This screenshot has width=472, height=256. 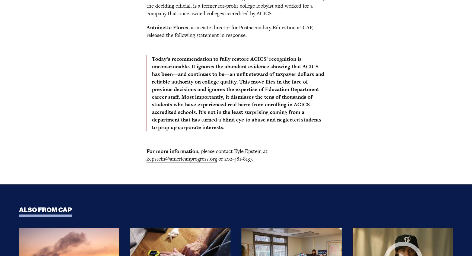 I want to click on 'Hai-Lam Phan', so click(x=405, y=110).